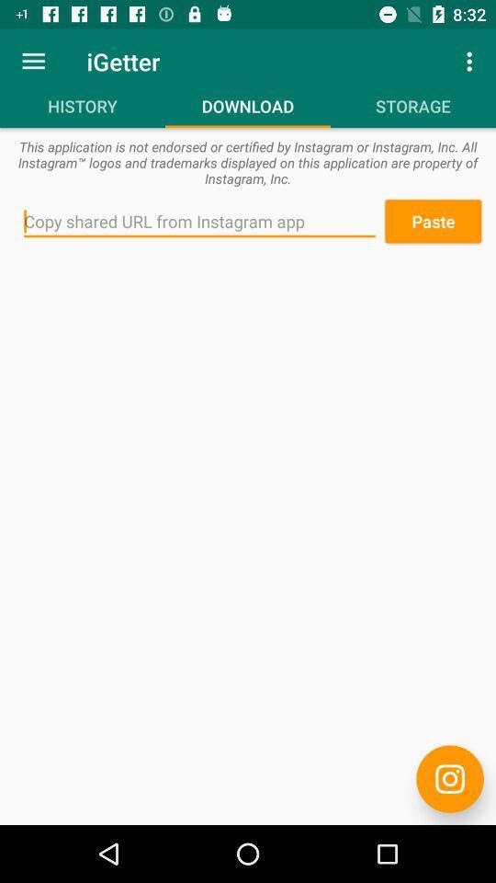 Image resolution: width=496 pixels, height=883 pixels. I want to click on the icon to the right of the igetter, so click(471, 61).